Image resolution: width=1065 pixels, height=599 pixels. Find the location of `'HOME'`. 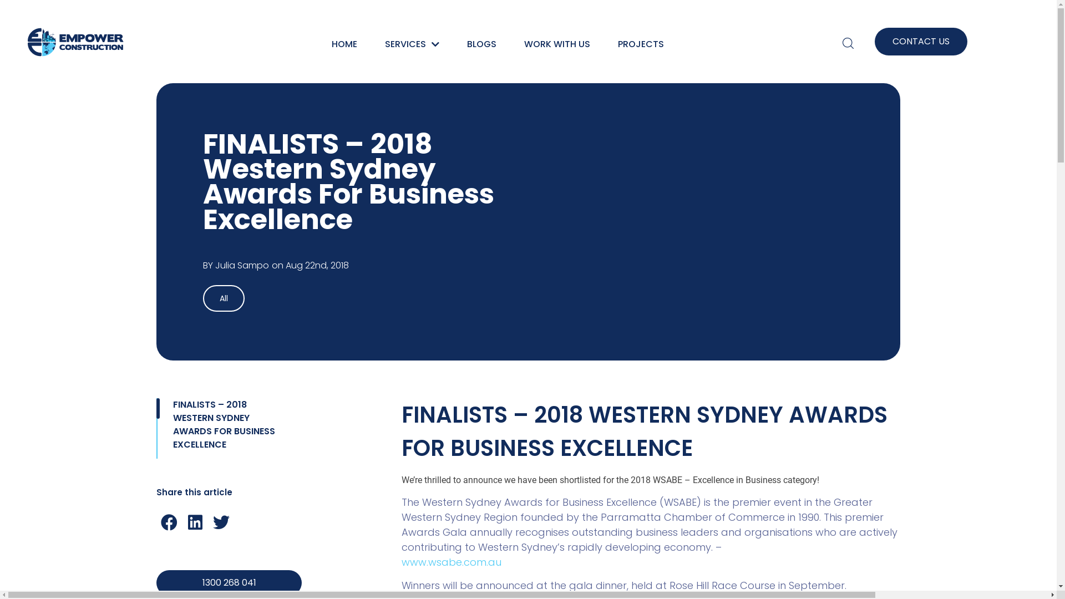

'HOME' is located at coordinates (343, 42).